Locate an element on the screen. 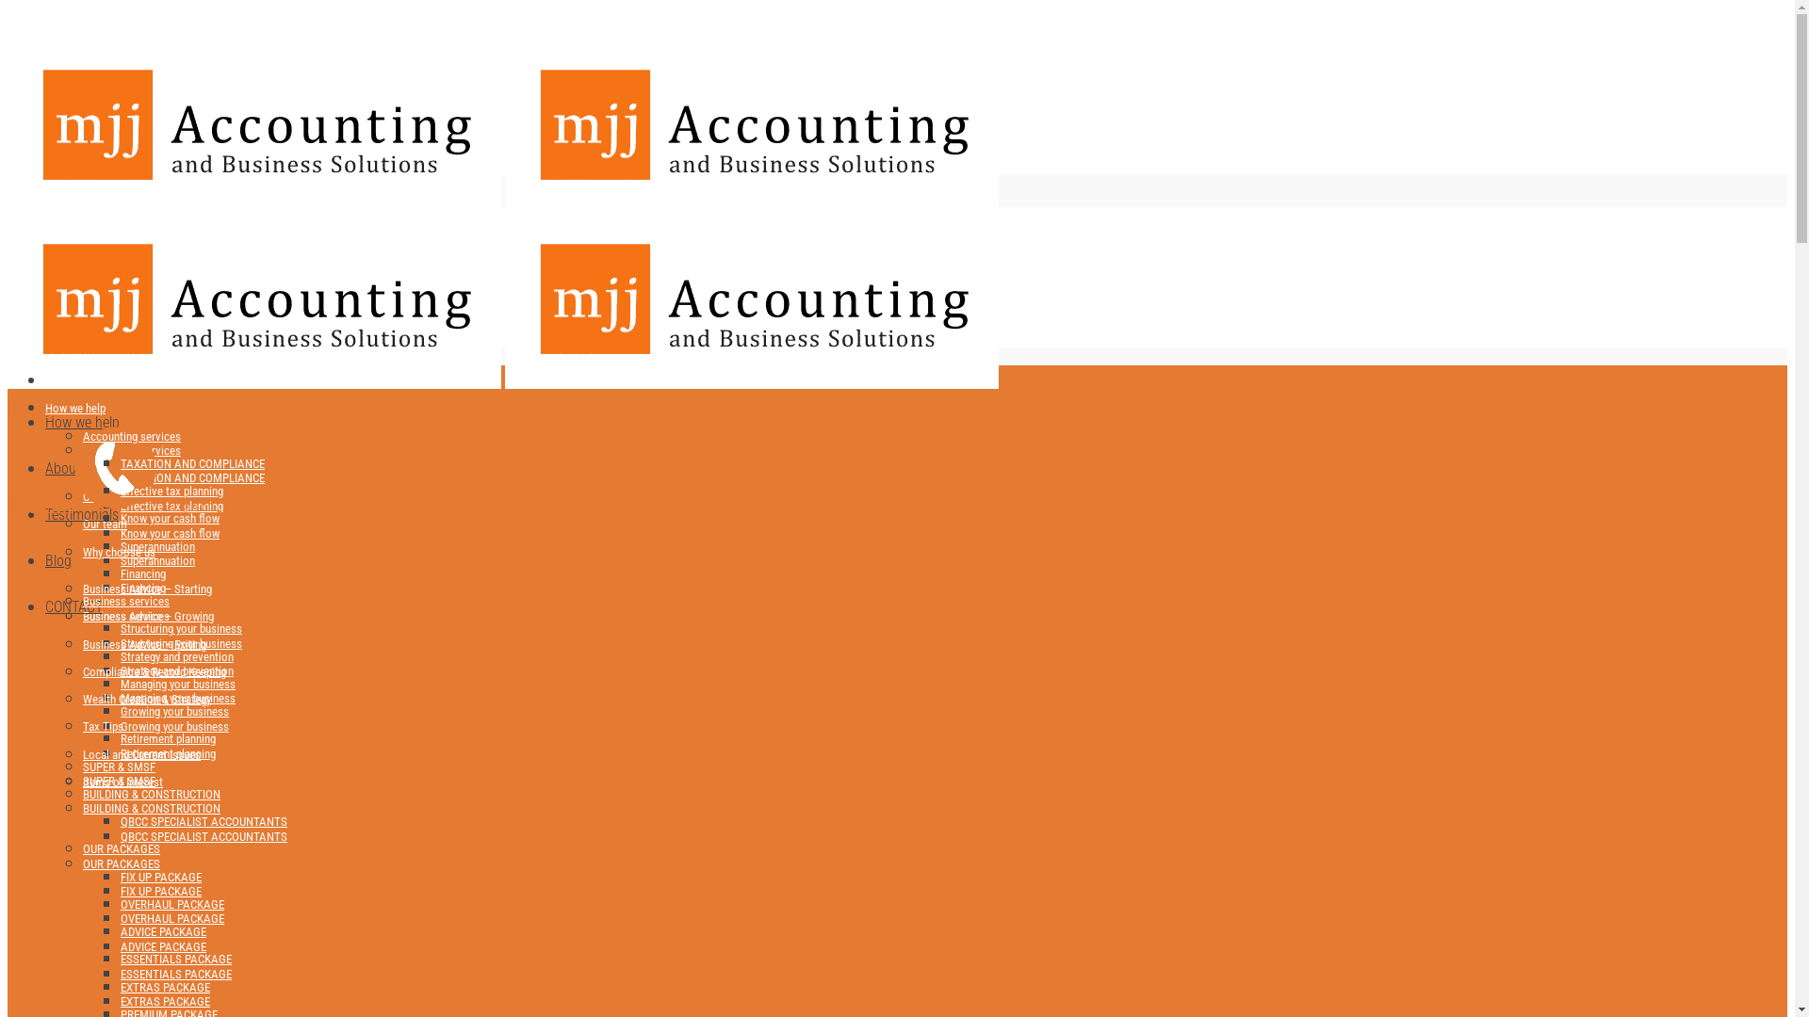 This screenshot has height=1017, width=1809. 'Growing your business' is located at coordinates (174, 725).